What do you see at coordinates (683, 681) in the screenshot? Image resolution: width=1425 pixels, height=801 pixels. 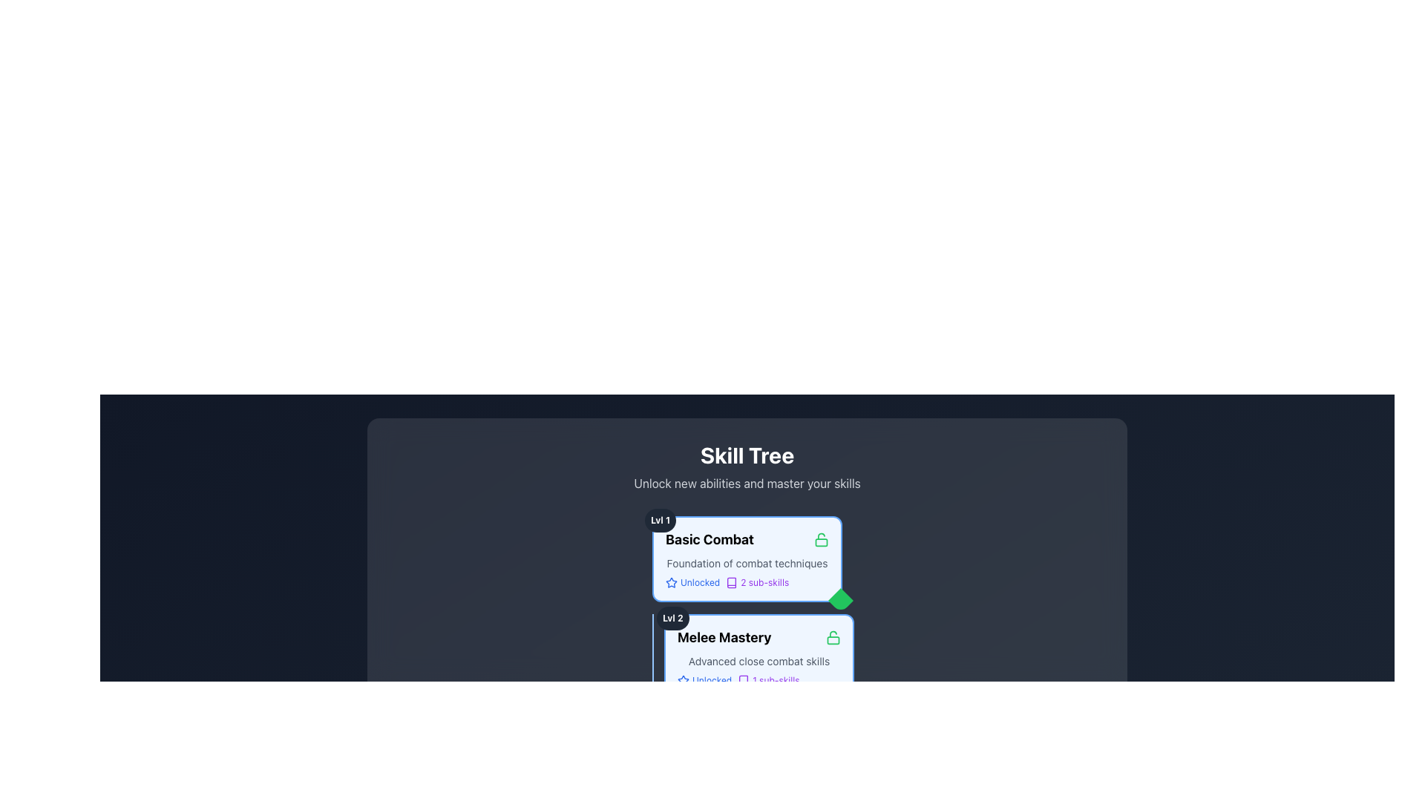 I see `the blue outlined star icon located to the left of the text 'Unlocked' within the 'Basic Combat' skill card` at bounding box center [683, 681].